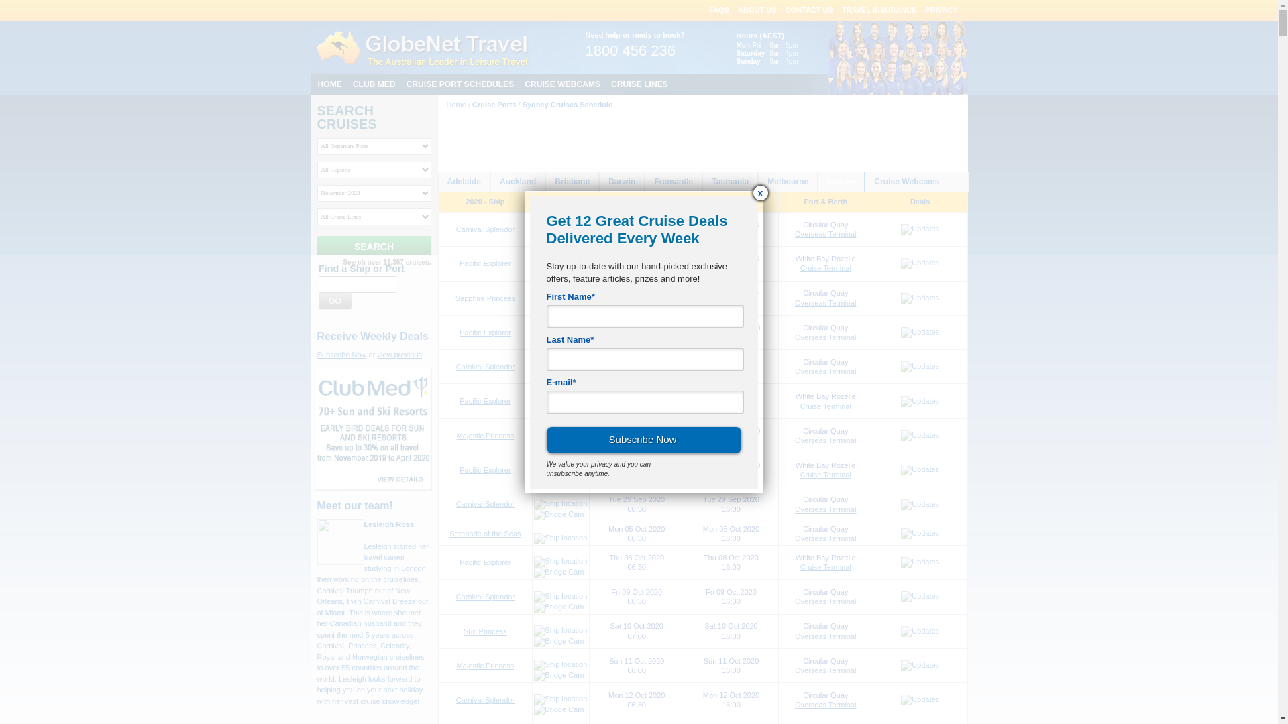  I want to click on 'Globe Net Travel', so click(421, 46).